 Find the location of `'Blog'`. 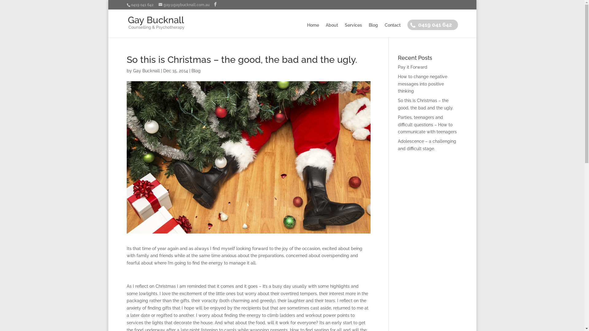

'Blog' is located at coordinates (191, 70).